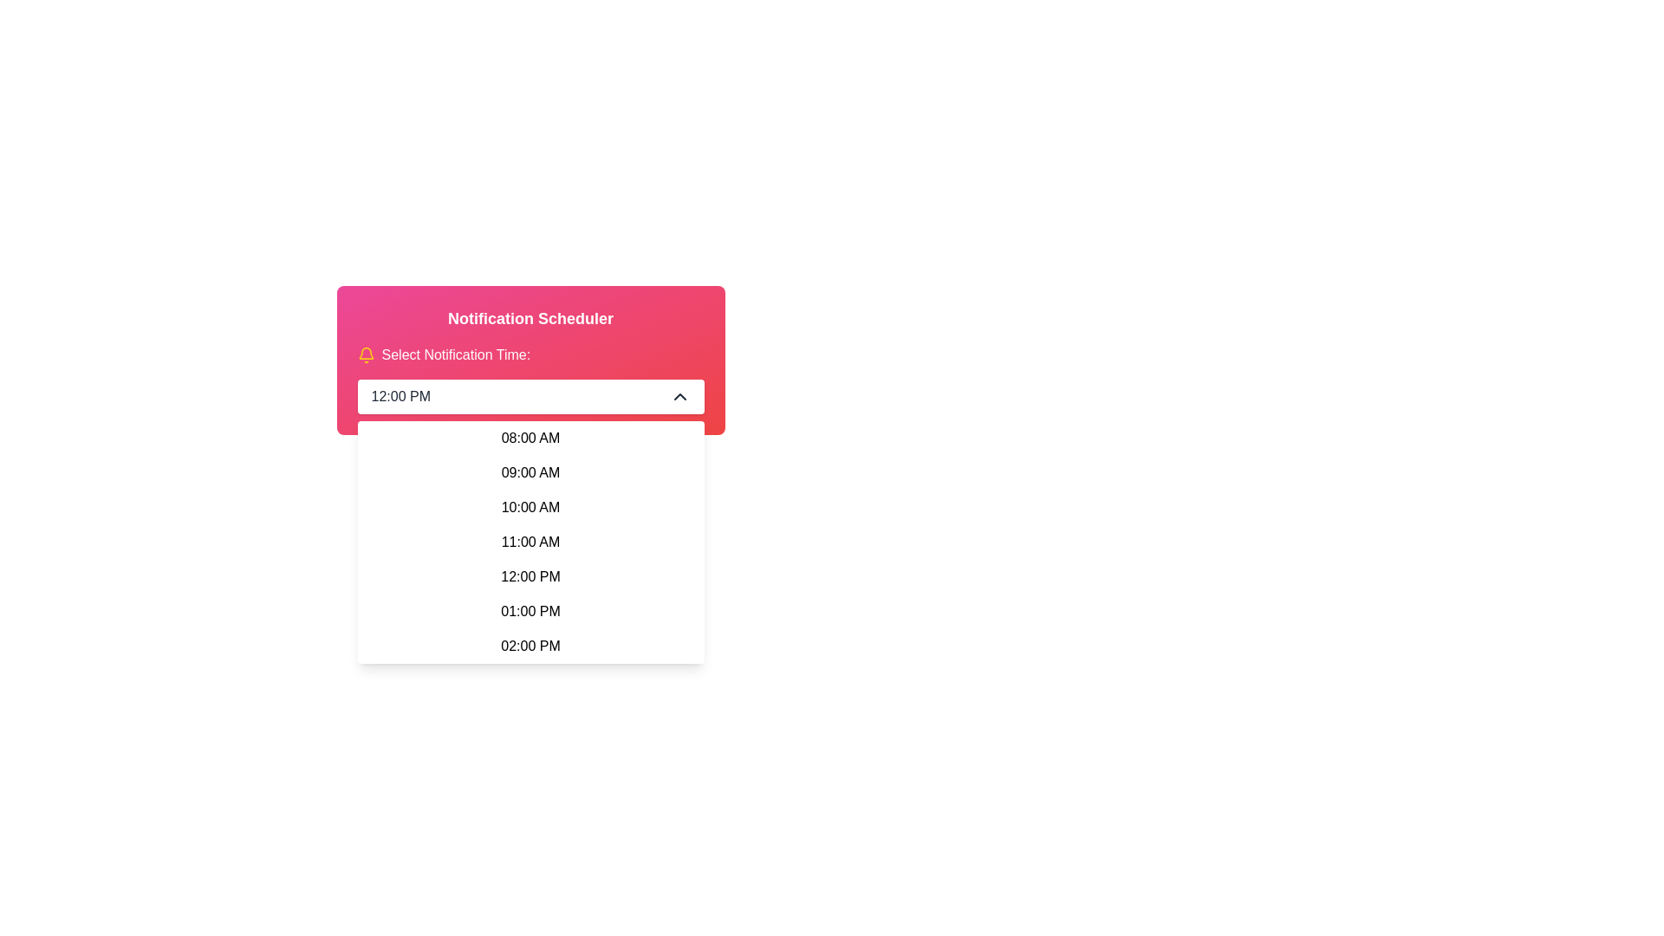  Describe the element at coordinates (530, 397) in the screenshot. I see `the dropdown button that allows users to select a specific time for scheduling notifications, located below the 'Select Notification Time:' label` at that location.